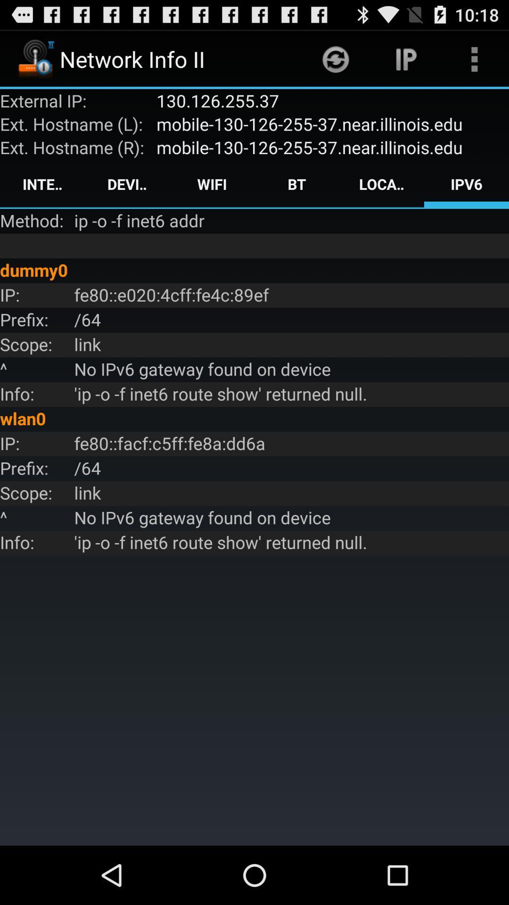  Describe the element at coordinates (41, 184) in the screenshot. I see `icon below the ext. hostname (r): item` at that location.